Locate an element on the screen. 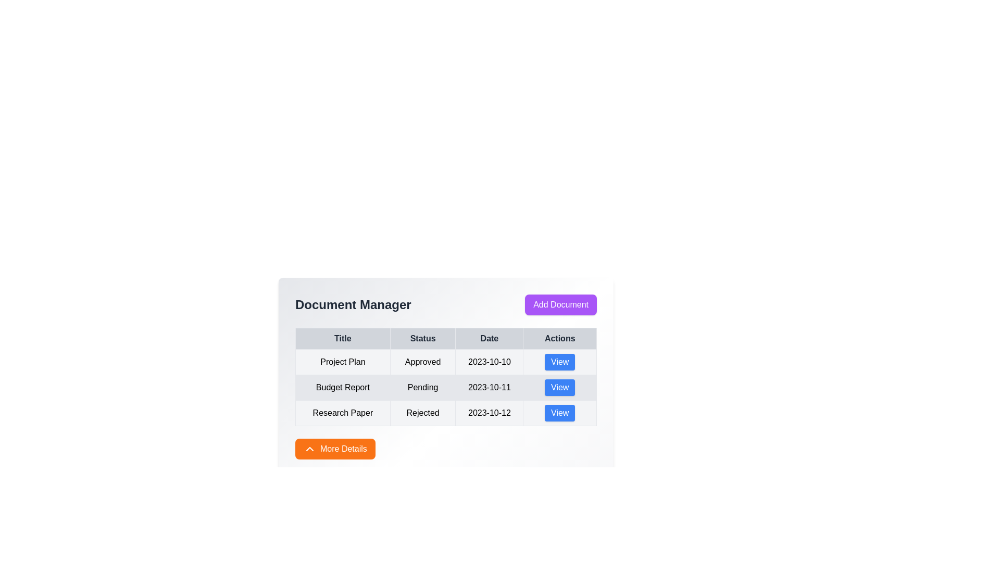 Image resolution: width=1000 pixels, height=562 pixels. document title 'Project Plan' and its status 'Approved' from the first row of the tabular structure in the 'Document Manager' is located at coordinates (446, 361).